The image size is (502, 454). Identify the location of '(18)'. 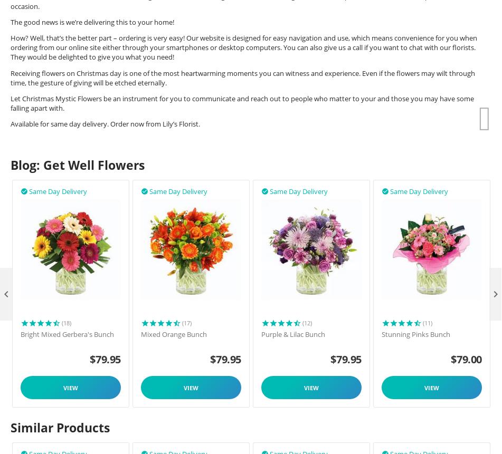
(67, 322).